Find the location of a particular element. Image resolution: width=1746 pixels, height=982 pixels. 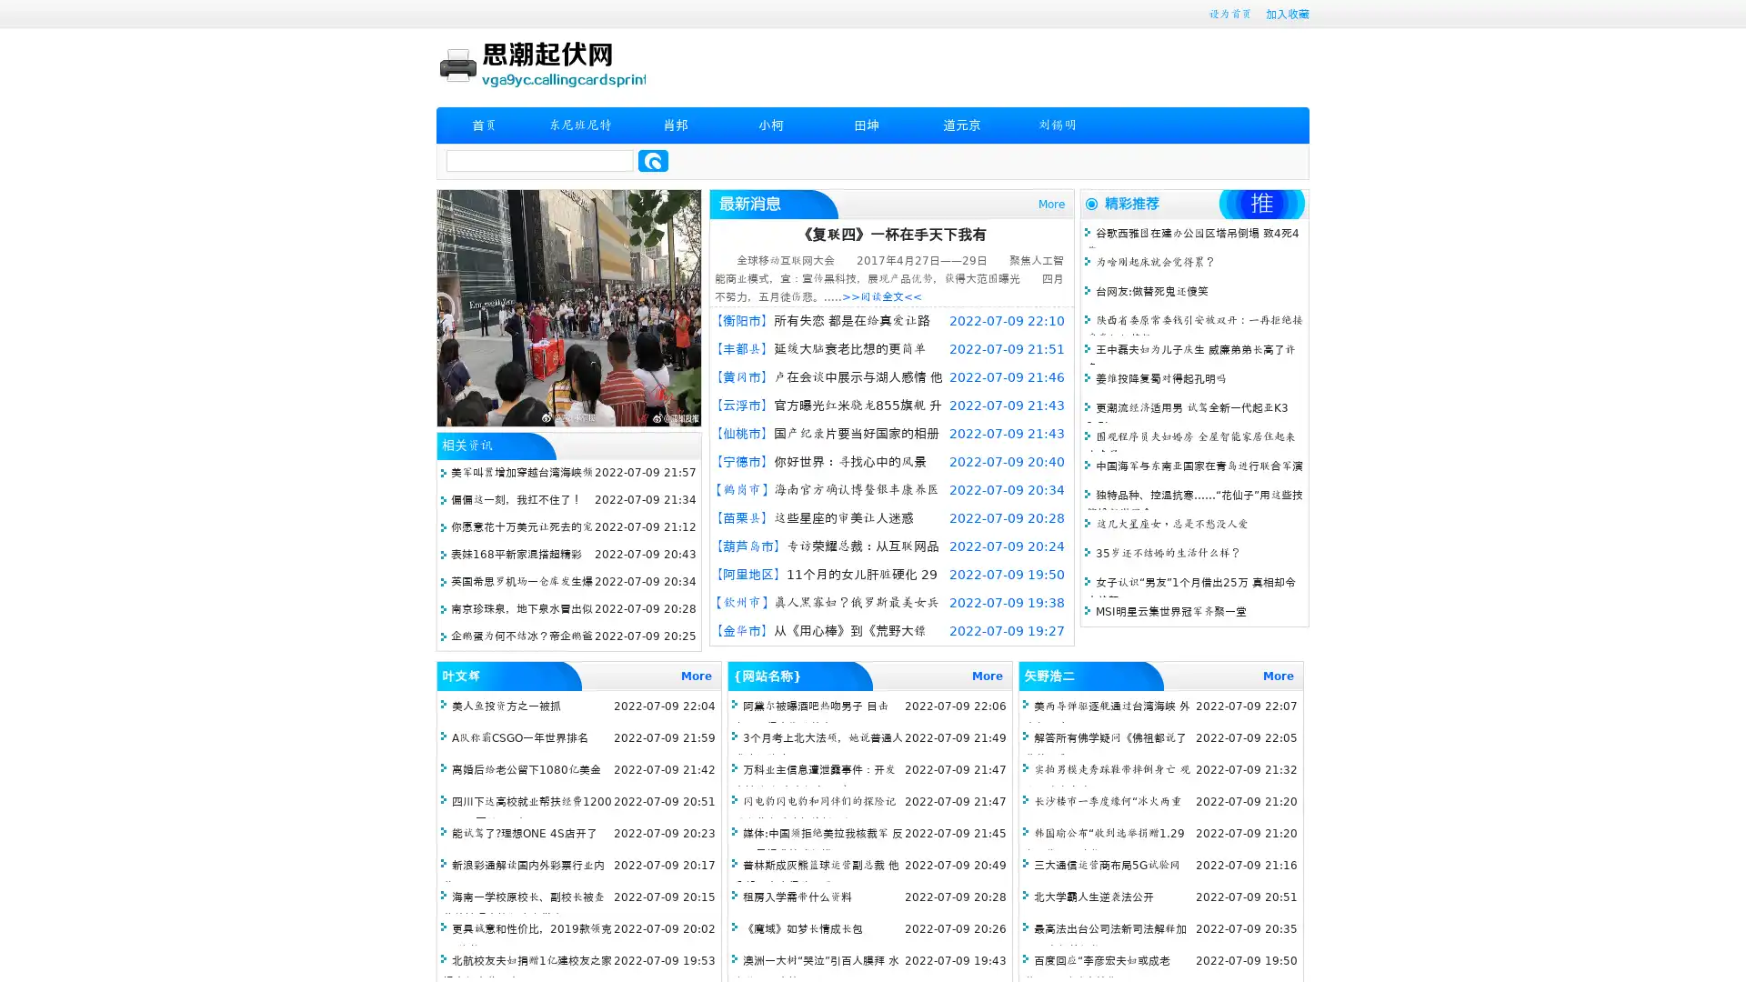

Search is located at coordinates (653, 160).